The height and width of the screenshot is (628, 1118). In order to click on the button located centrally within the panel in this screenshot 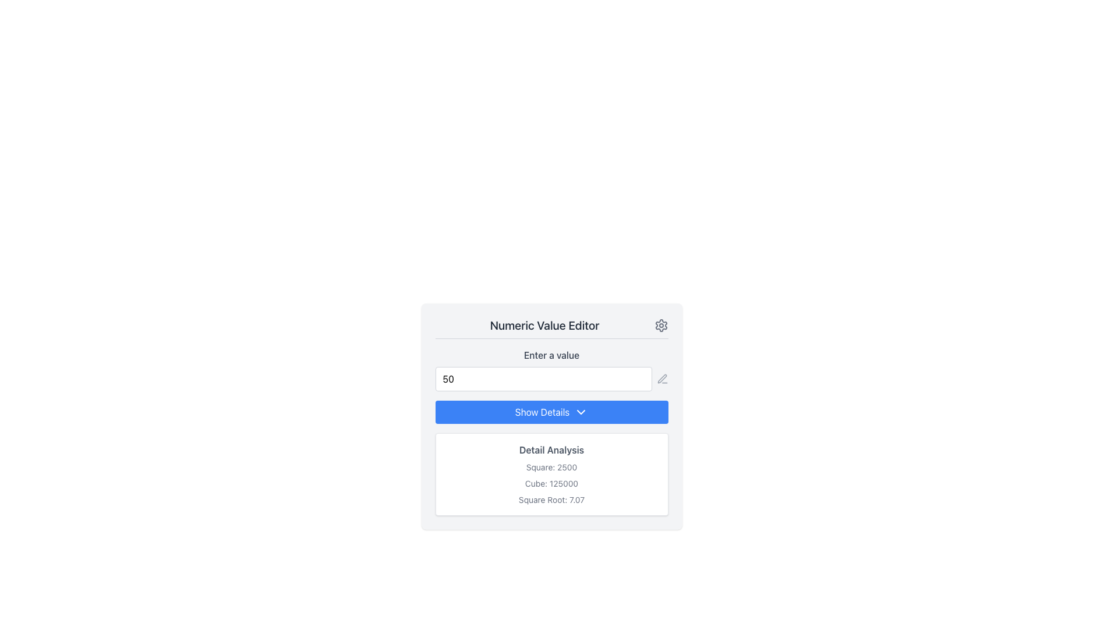, I will do `click(551, 416)`.